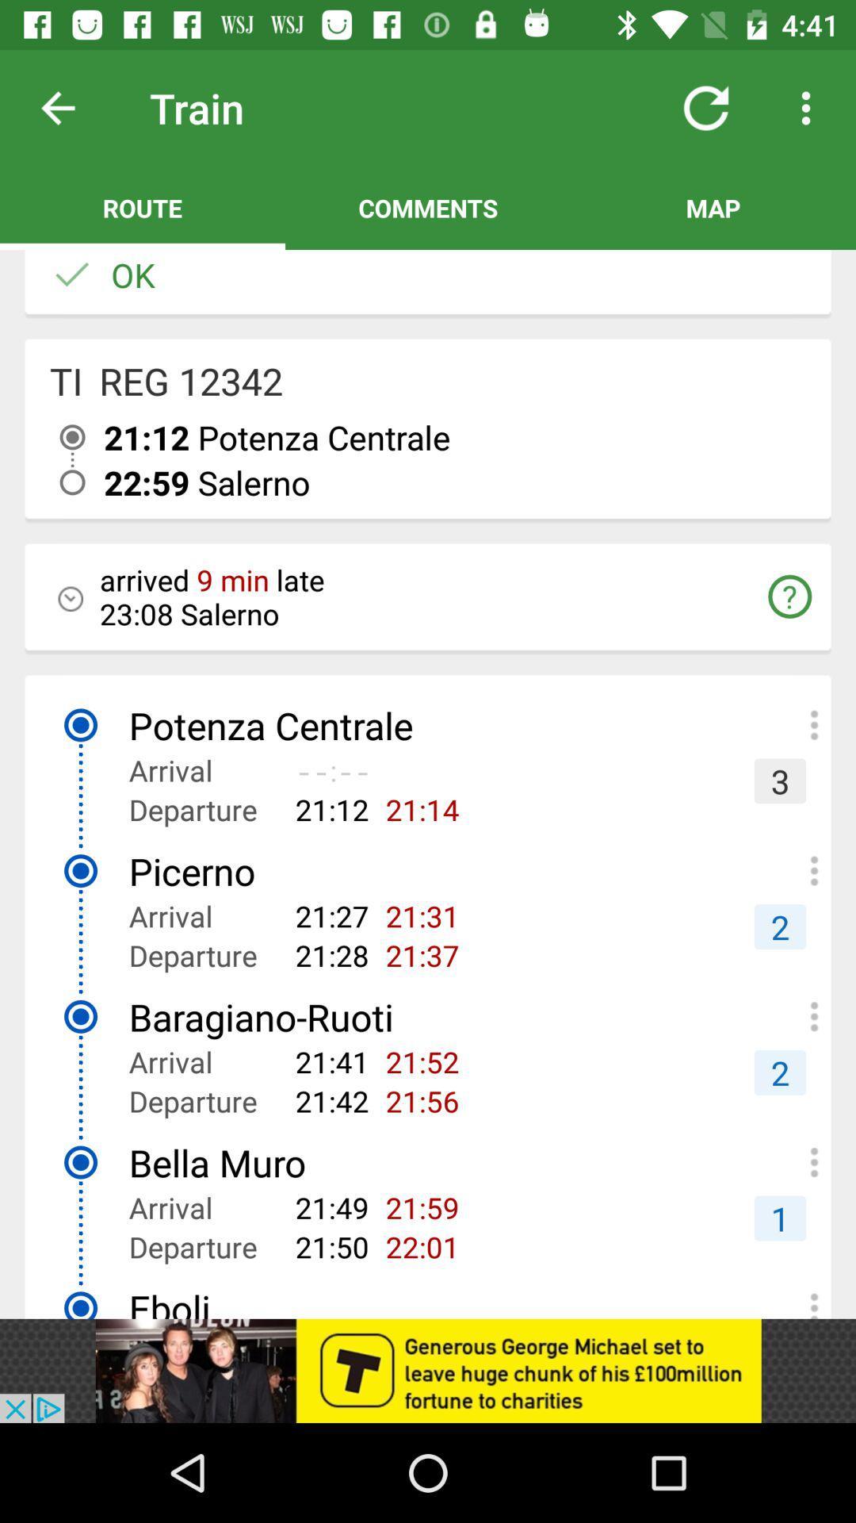 This screenshot has width=856, height=1523. Describe the element at coordinates (70, 107) in the screenshot. I see `go back` at that location.